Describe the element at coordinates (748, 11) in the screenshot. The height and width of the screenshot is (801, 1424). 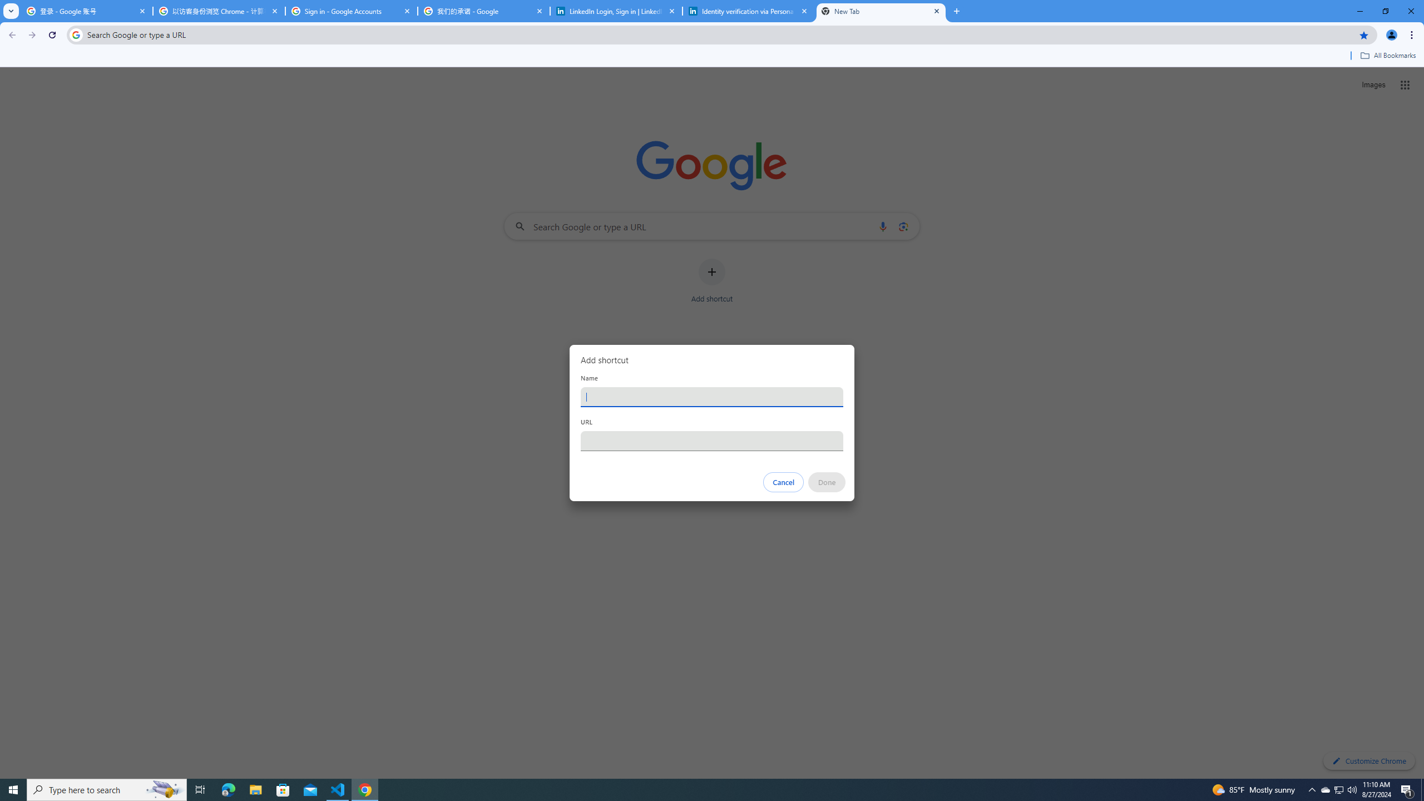
I see `'Identity verification via Persona | LinkedIn Help'` at that location.